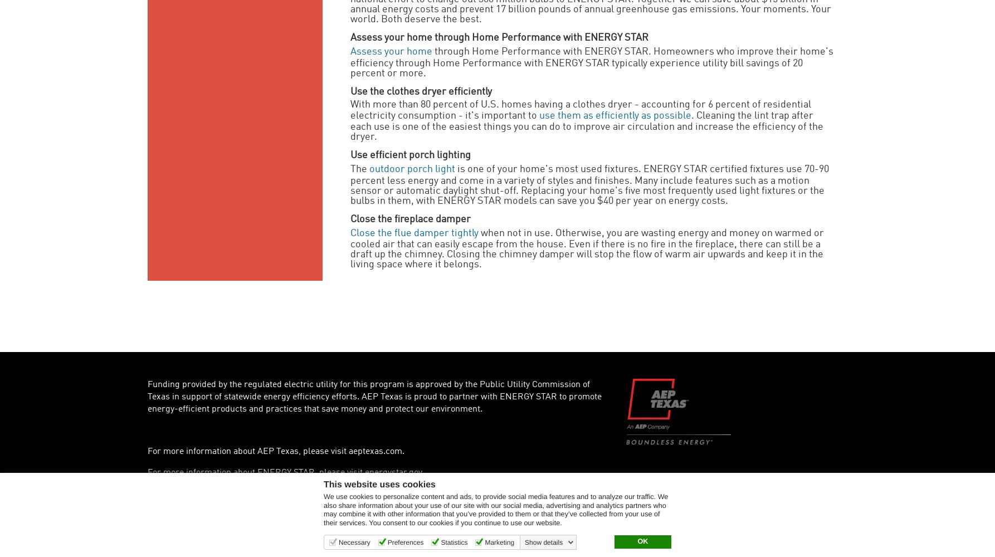  What do you see at coordinates (147, 494) in the screenshot?
I see `'Privacy Policy'` at bounding box center [147, 494].